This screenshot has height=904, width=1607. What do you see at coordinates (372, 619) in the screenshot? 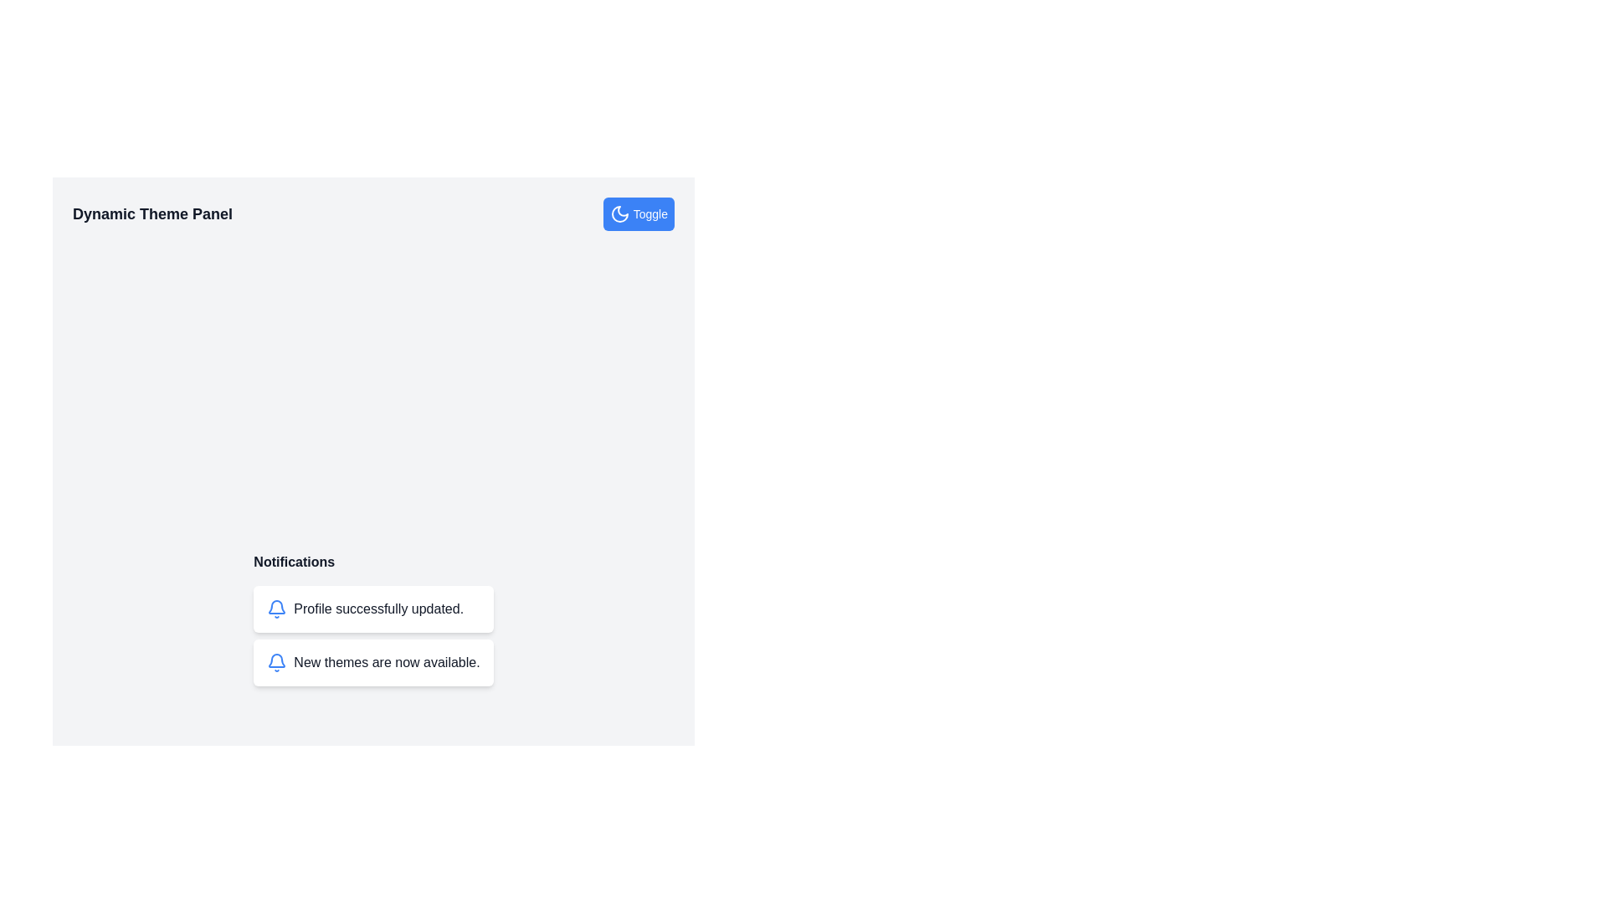
I see `the Notification panel, which has a light gray background and contains notifications with a bell icon and text messages, located below the 'Dynamic Theme Panel'` at bounding box center [372, 619].